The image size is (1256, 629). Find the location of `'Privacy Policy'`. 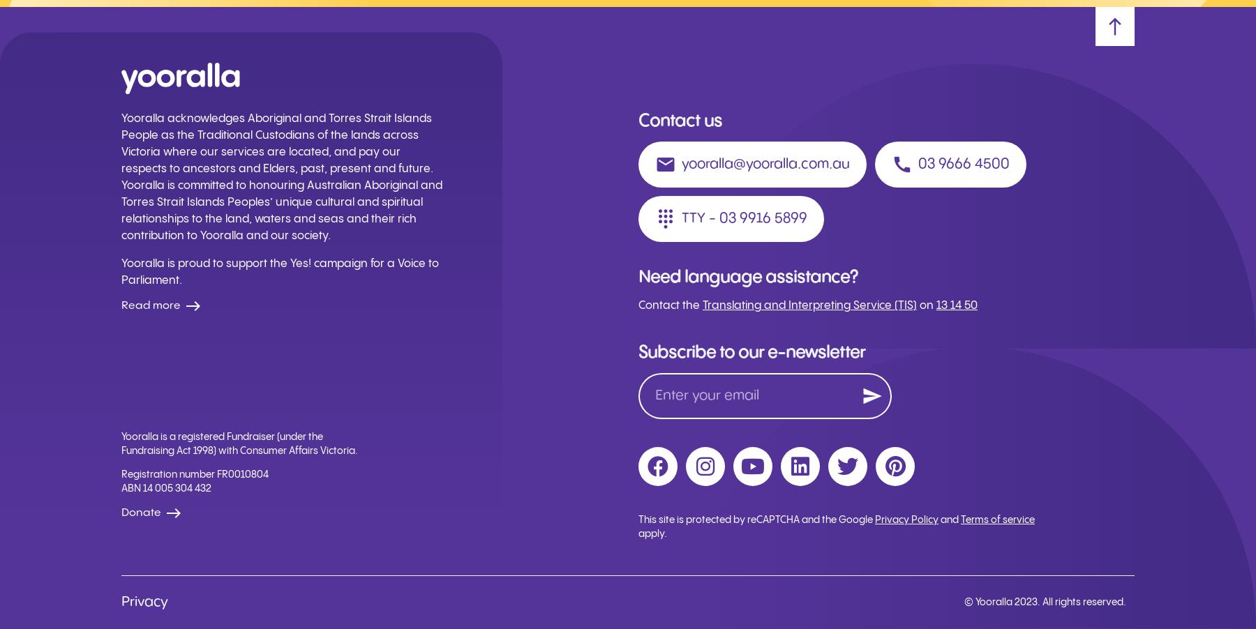

'Privacy Policy' is located at coordinates (906, 520).